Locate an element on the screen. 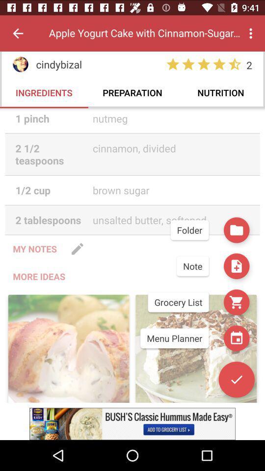  the cart icon is located at coordinates (236, 302).